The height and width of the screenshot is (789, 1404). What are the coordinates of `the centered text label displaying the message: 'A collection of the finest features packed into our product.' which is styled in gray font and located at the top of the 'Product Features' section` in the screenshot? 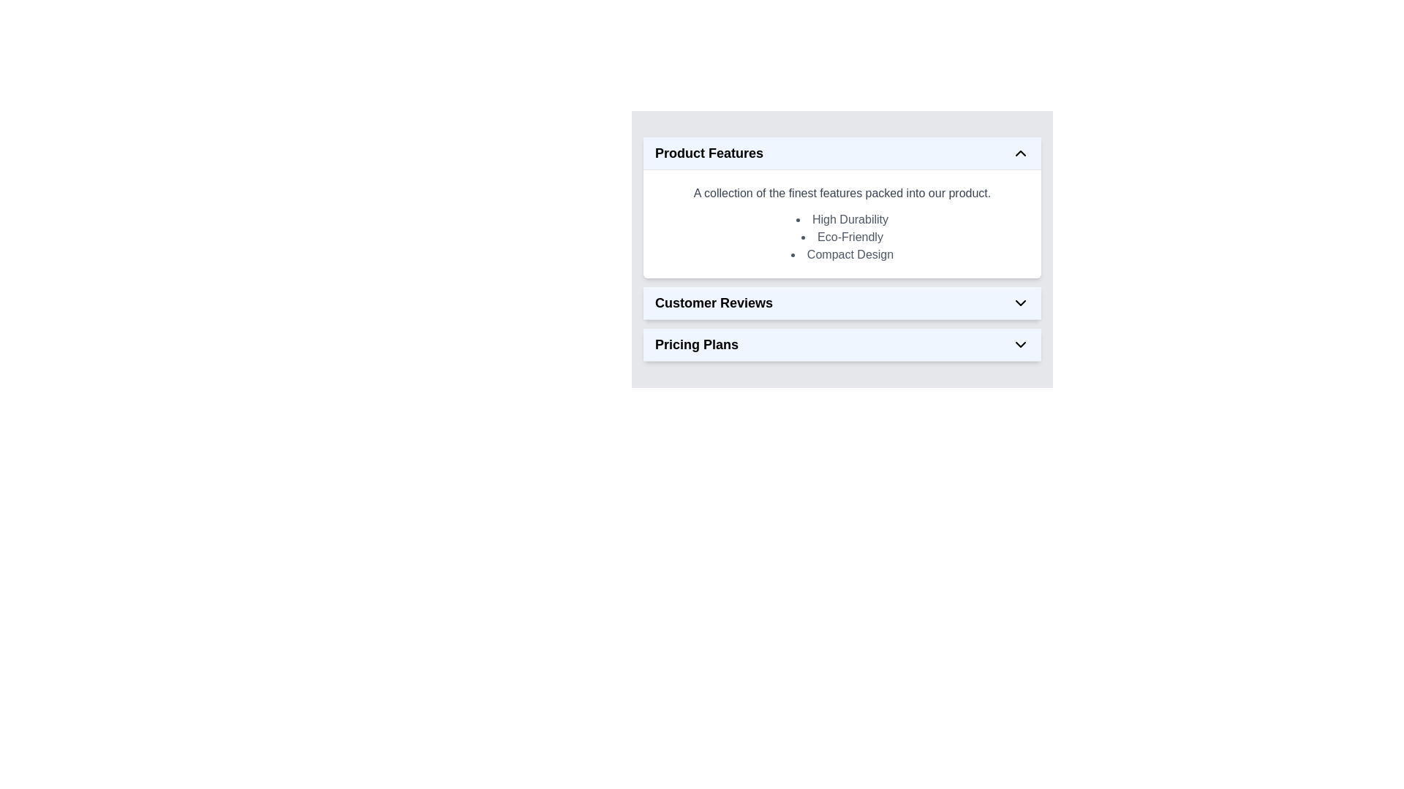 It's located at (842, 193).